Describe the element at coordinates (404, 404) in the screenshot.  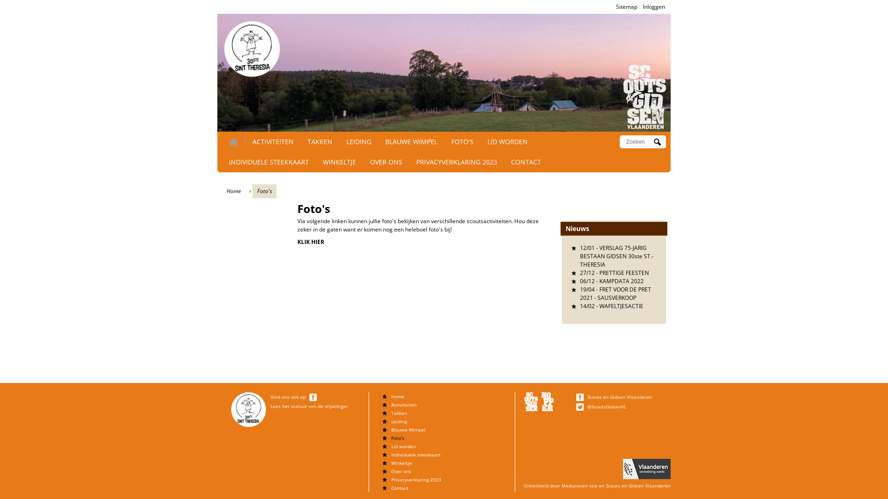
I see `'Activiteiten'` at that location.